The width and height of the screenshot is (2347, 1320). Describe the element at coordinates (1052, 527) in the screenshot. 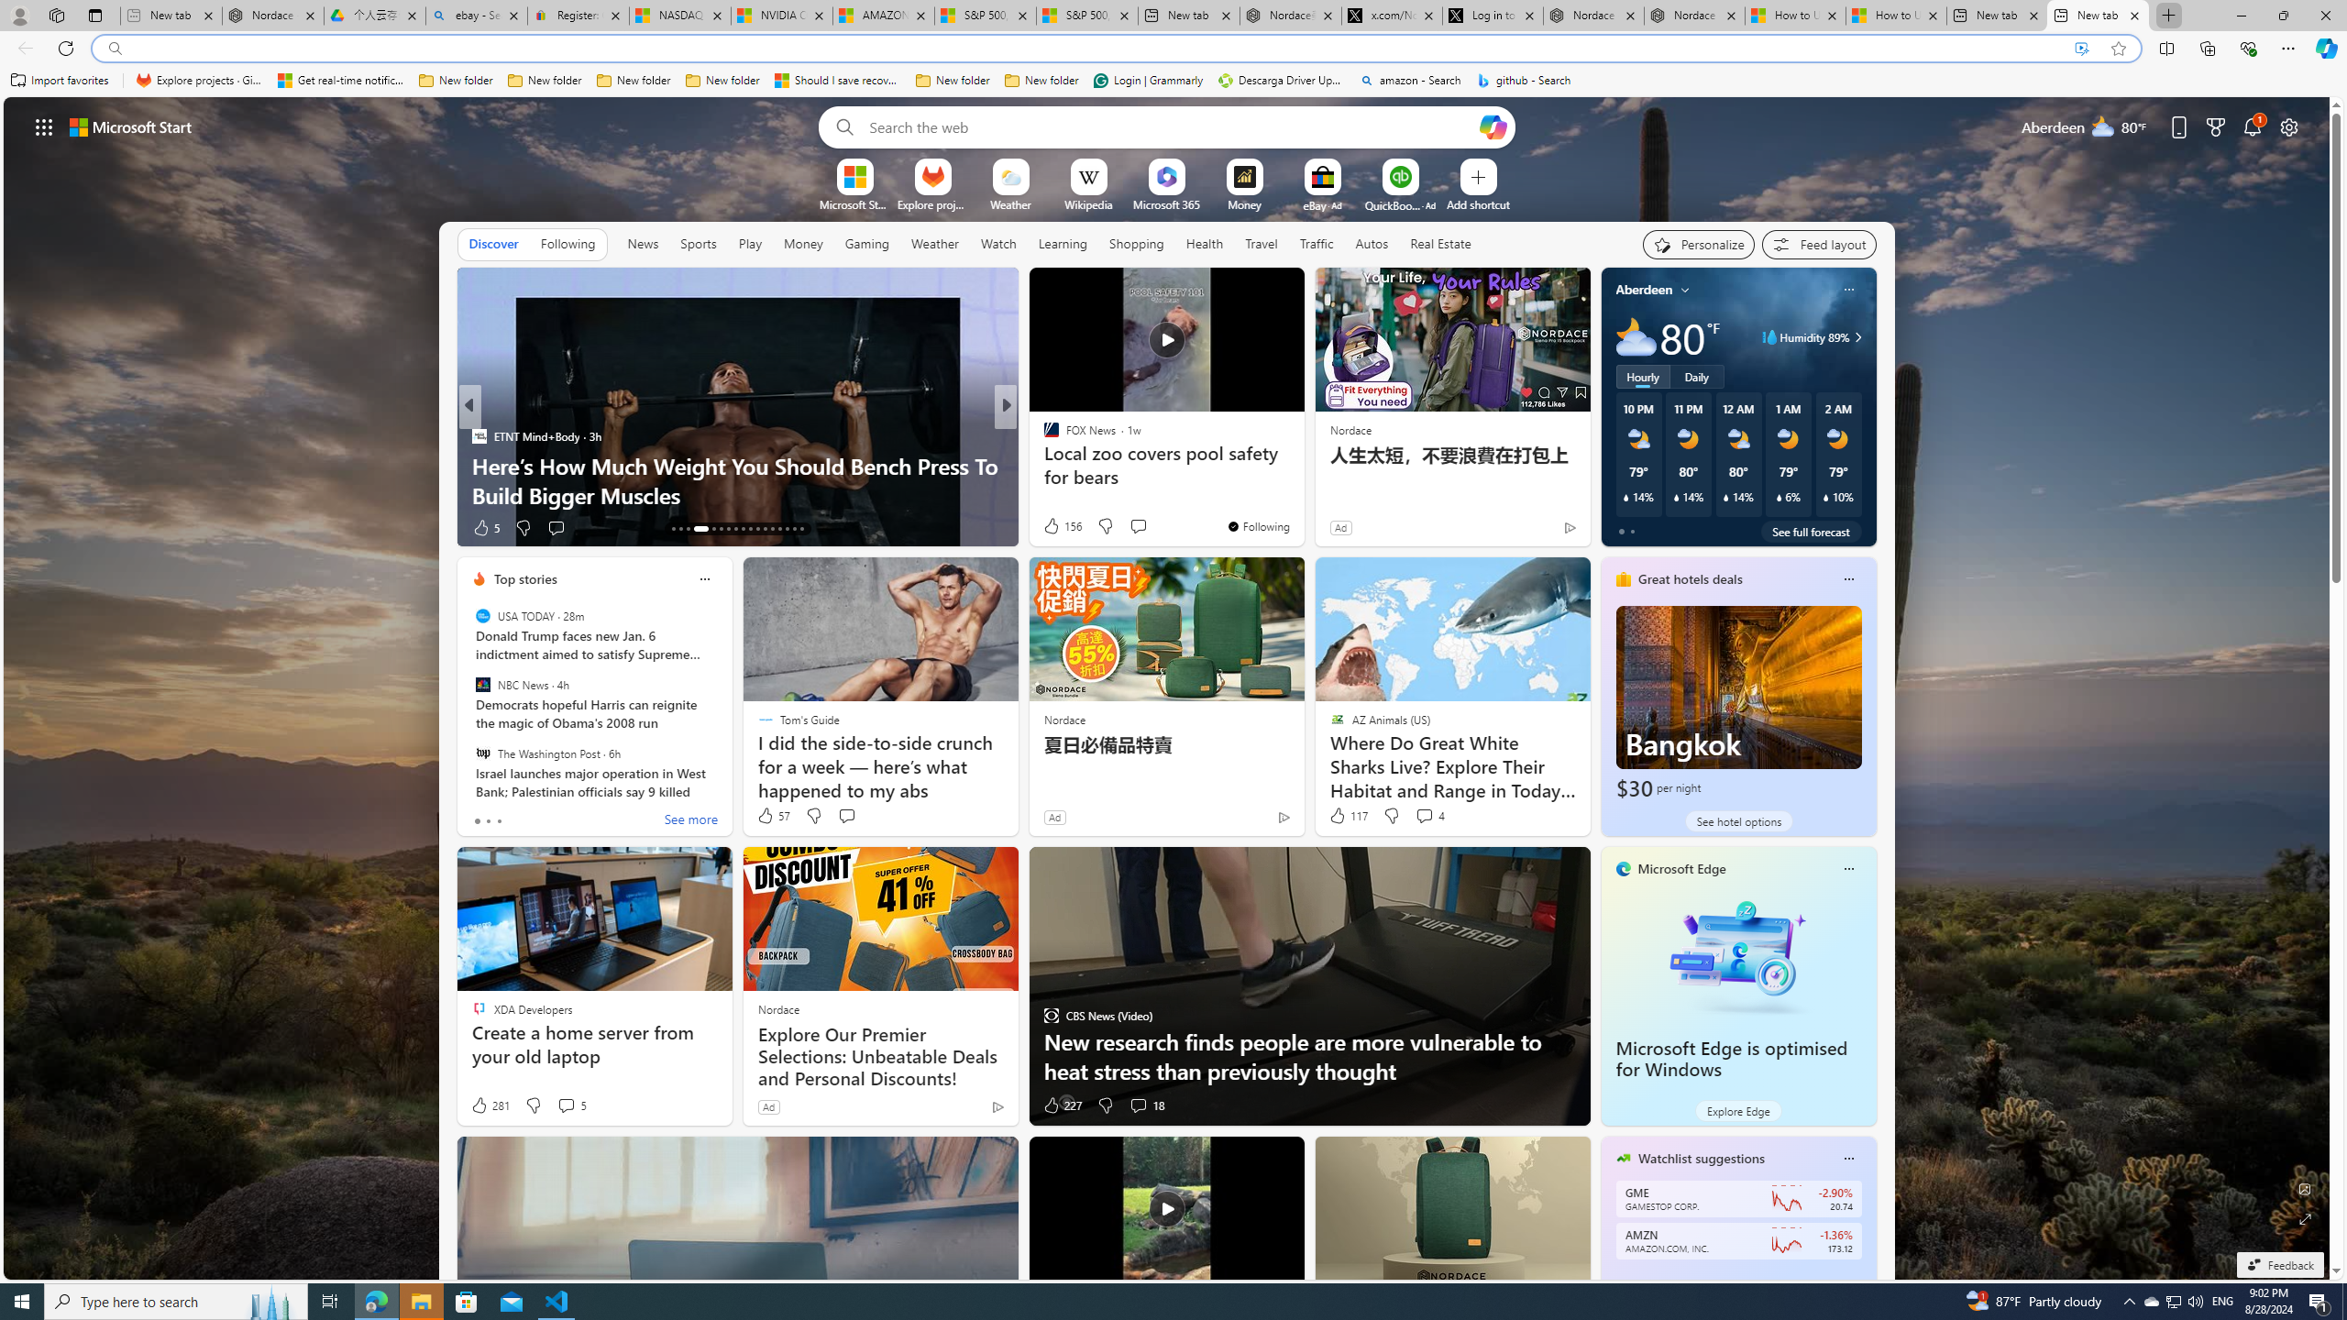

I see `'14 Like'` at that location.